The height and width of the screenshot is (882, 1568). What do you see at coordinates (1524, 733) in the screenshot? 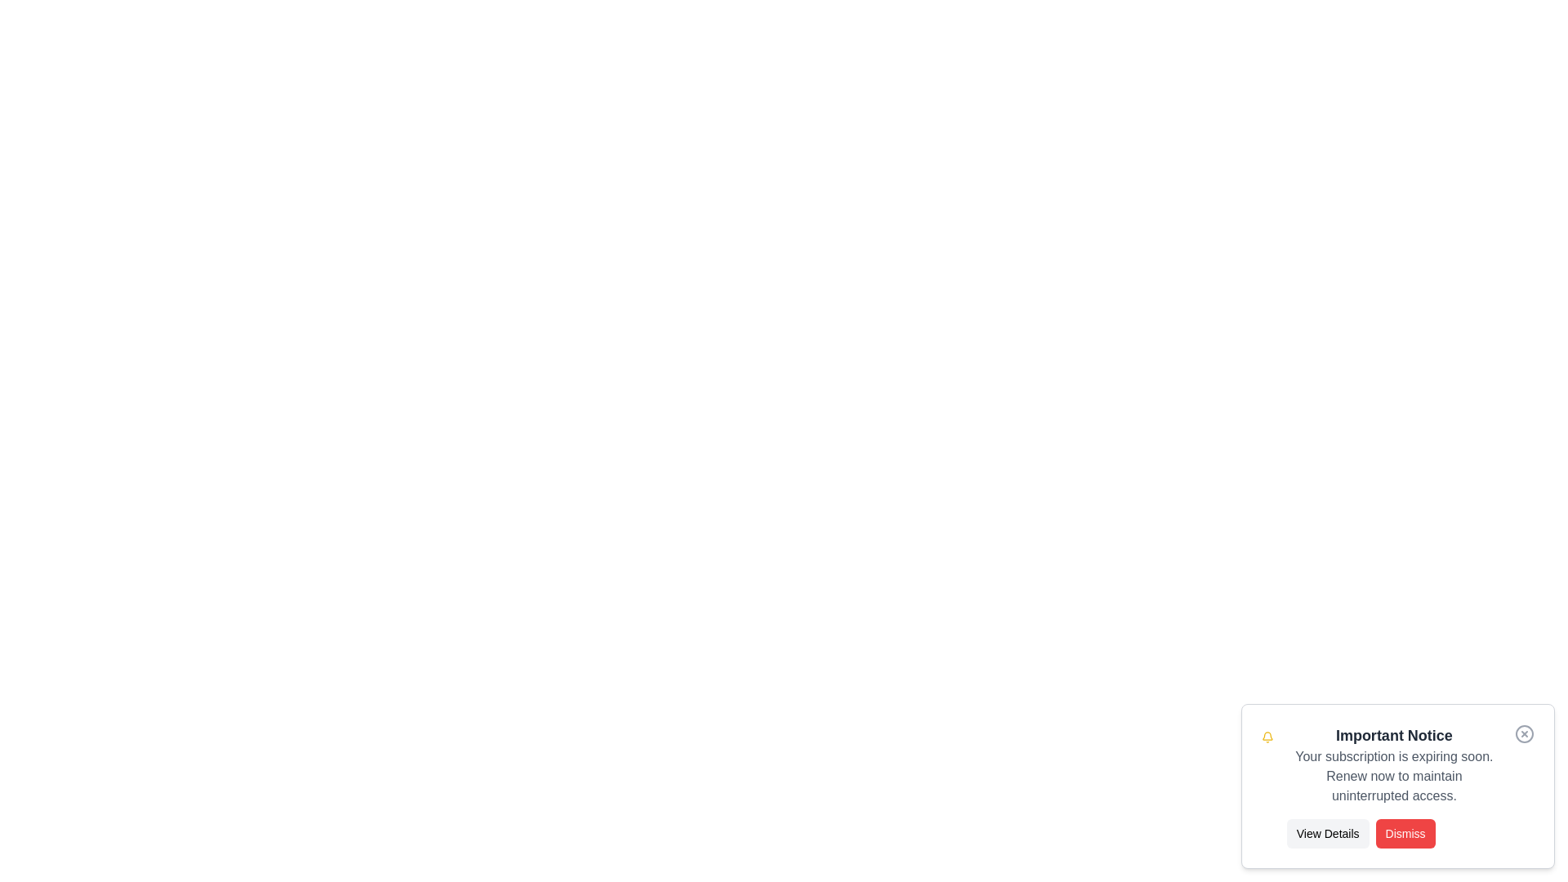
I see `the dismiss button located at the top-right corner of the notification card` at bounding box center [1524, 733].